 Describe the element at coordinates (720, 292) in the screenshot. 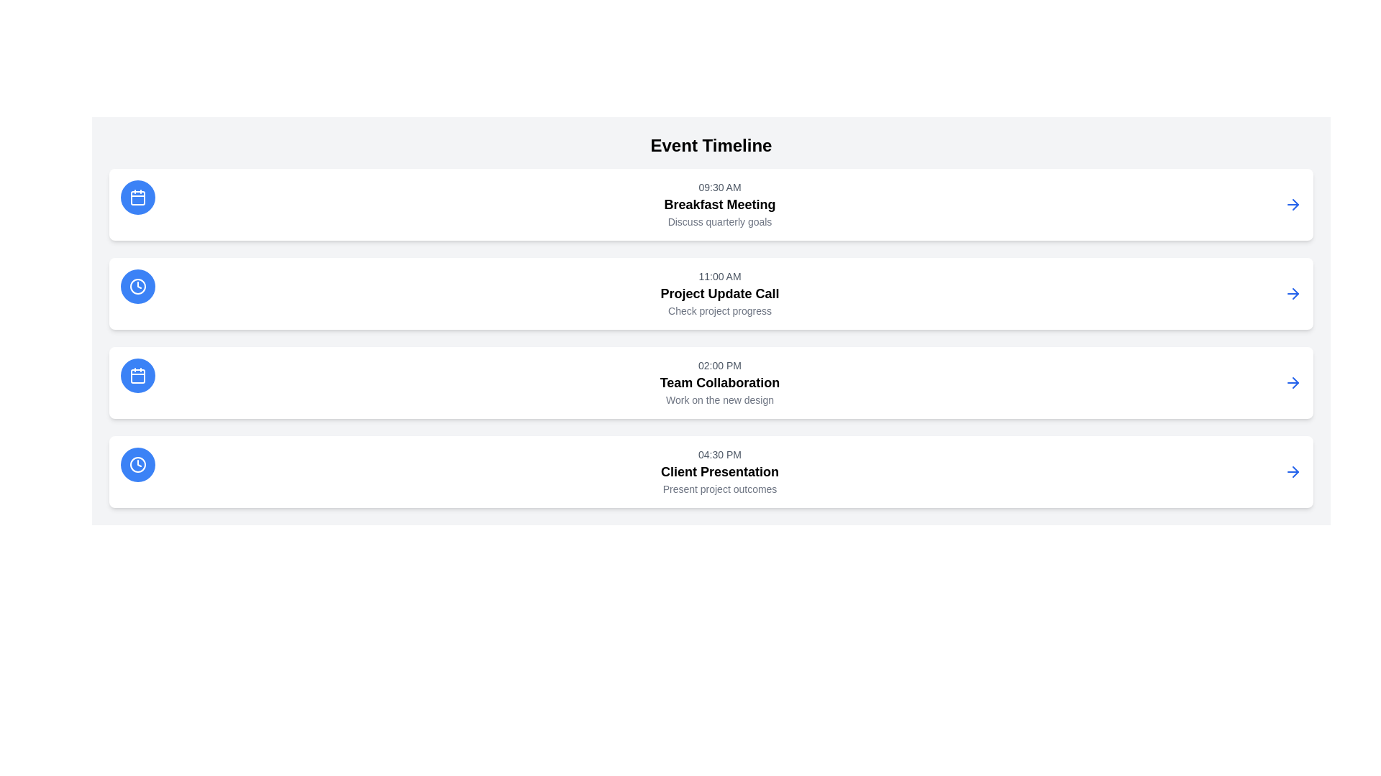

I see `the scheduled event UI card component, which is the second item in the vertical list on the central white board, positioned between 'Breakfast Meeting' and 'Team Collaboration'` at that location.